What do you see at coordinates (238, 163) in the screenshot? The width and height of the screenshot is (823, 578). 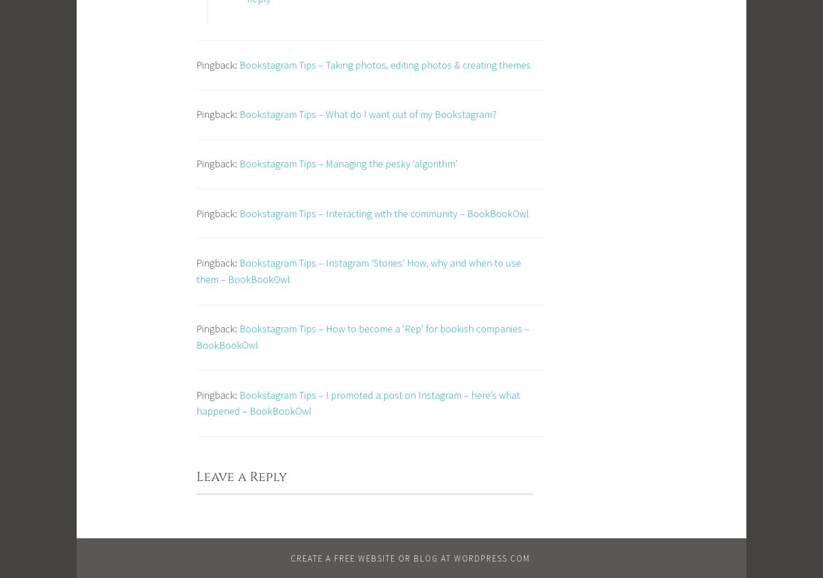 I see `'Bookstagram Tips – Managing the pesky ‘algorithm’'` at bounding box center [238, 163].